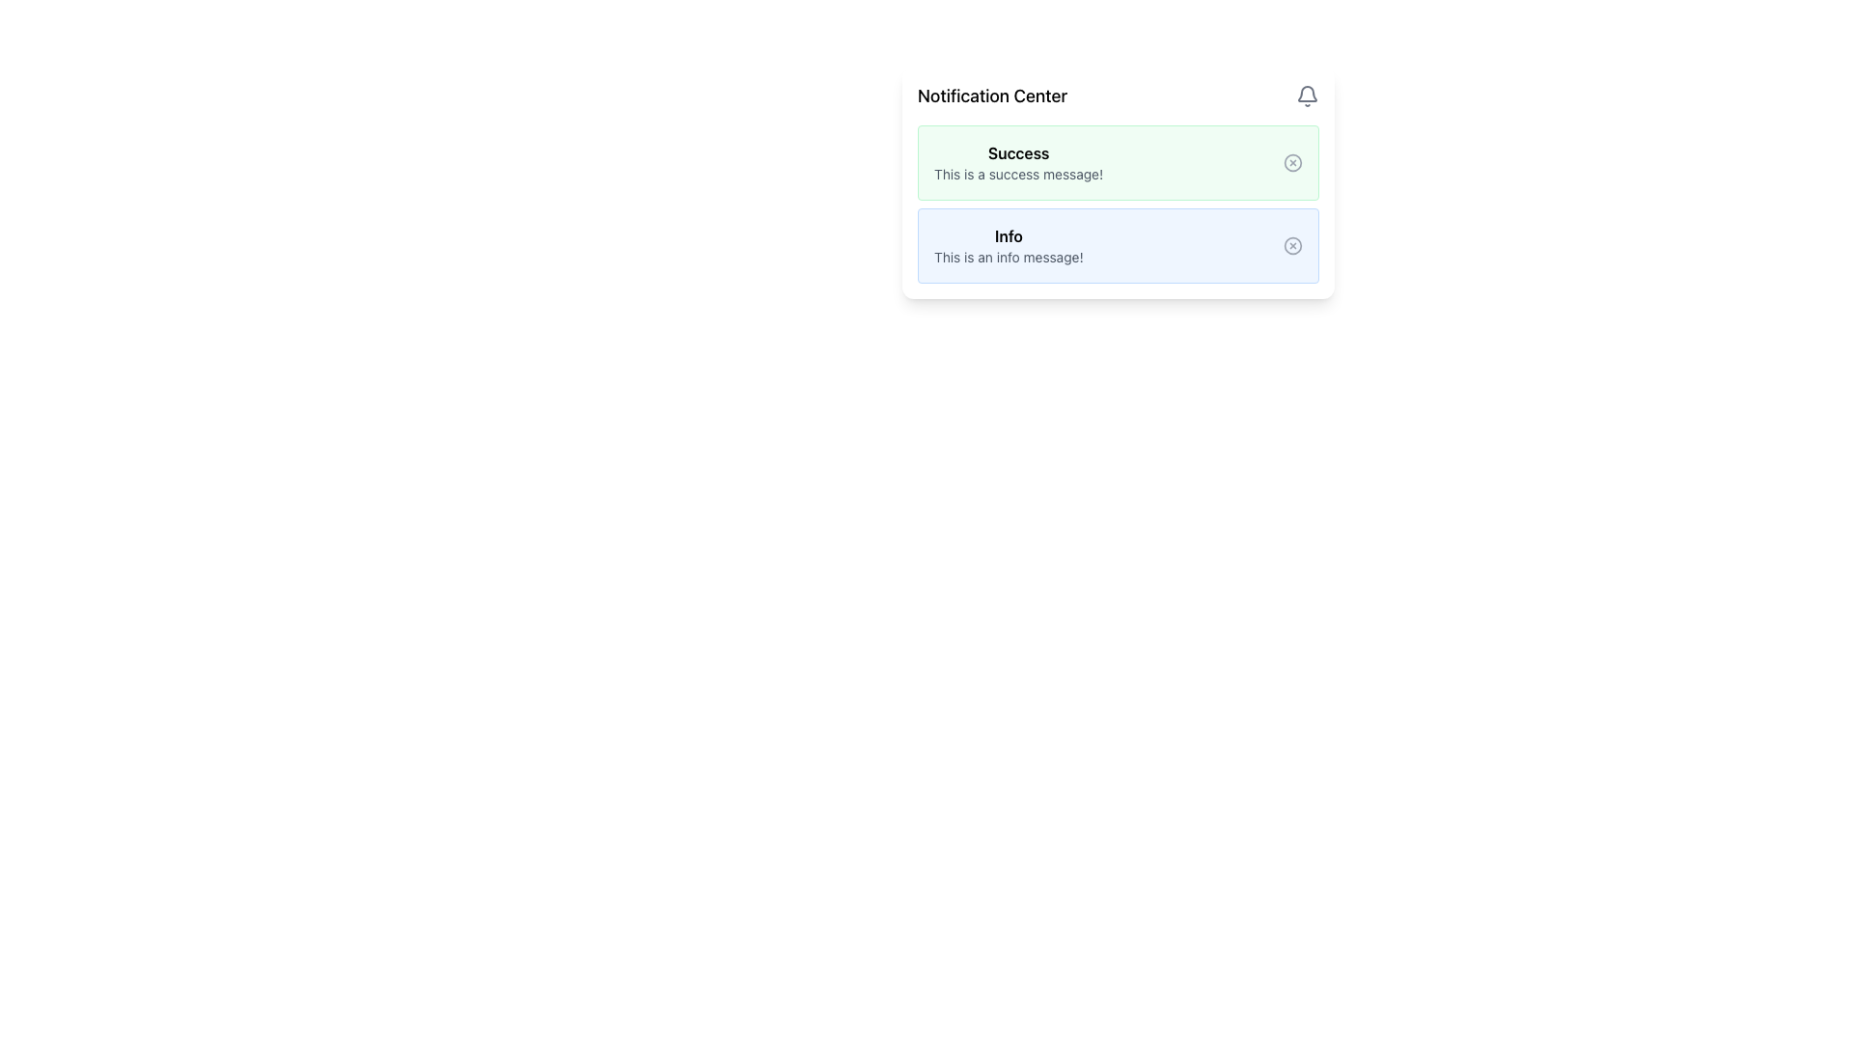  Describe the element at coordinates (1307, 96) in the screenshot. I see `the bell icon located at the far right of the Notification Center header bar, which is styled in gray and serves as a notification symbol` at that location.